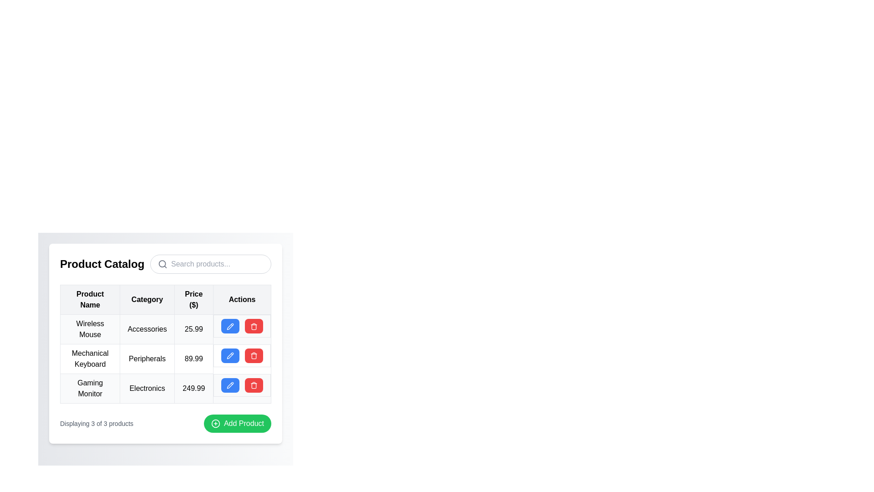  I want to click on properties of the trash can icon, which is a small outlined icon inside a red button located in the 'Actions' column of the table, specifically the second icon in the actions for the 'Mechanical Keyboard' row, so click(254, 326).